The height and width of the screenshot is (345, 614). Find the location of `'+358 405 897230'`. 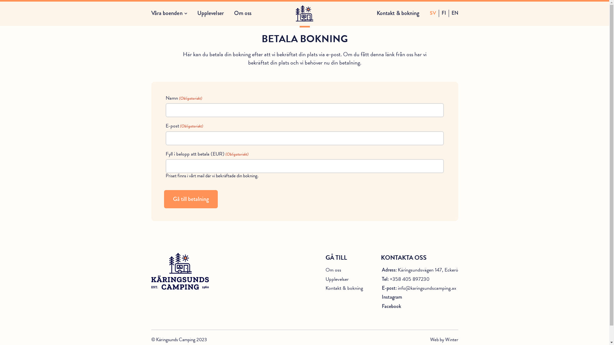

'+358 405 897230' is located at coordinates (409, 279).